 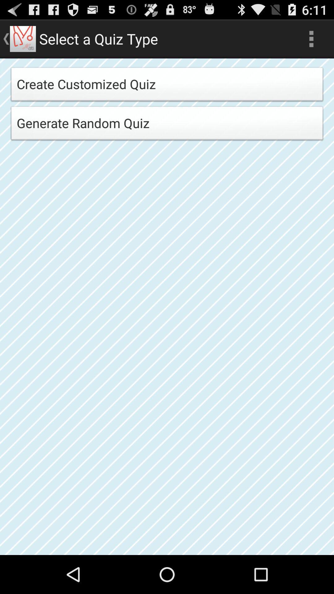 What do you see at coordinates (167, 125) in the screenshot?
I see `icon below the create customized quiz item` at bounding box center [167, 125].